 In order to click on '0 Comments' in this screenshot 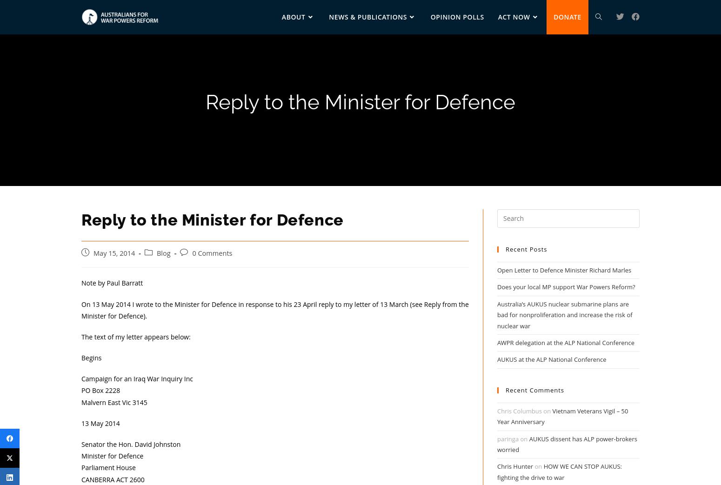, I will do `click(192, 252)`.